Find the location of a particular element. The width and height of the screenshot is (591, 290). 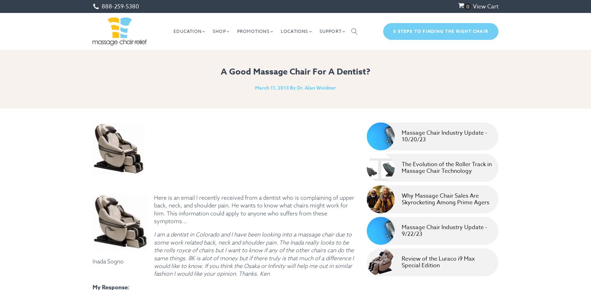

'888-259-5380' is located at coordinates (120, 6).